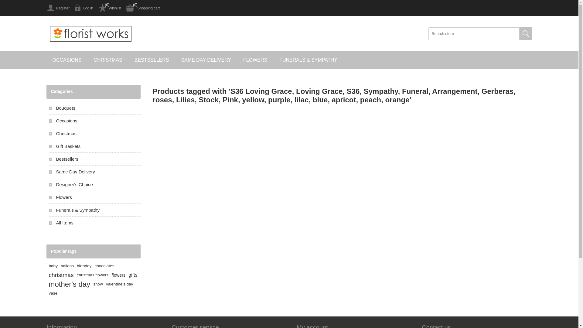 This screenshot has width=583, height=328. I want to click on 'Gift Baskets', so click(48, 146).